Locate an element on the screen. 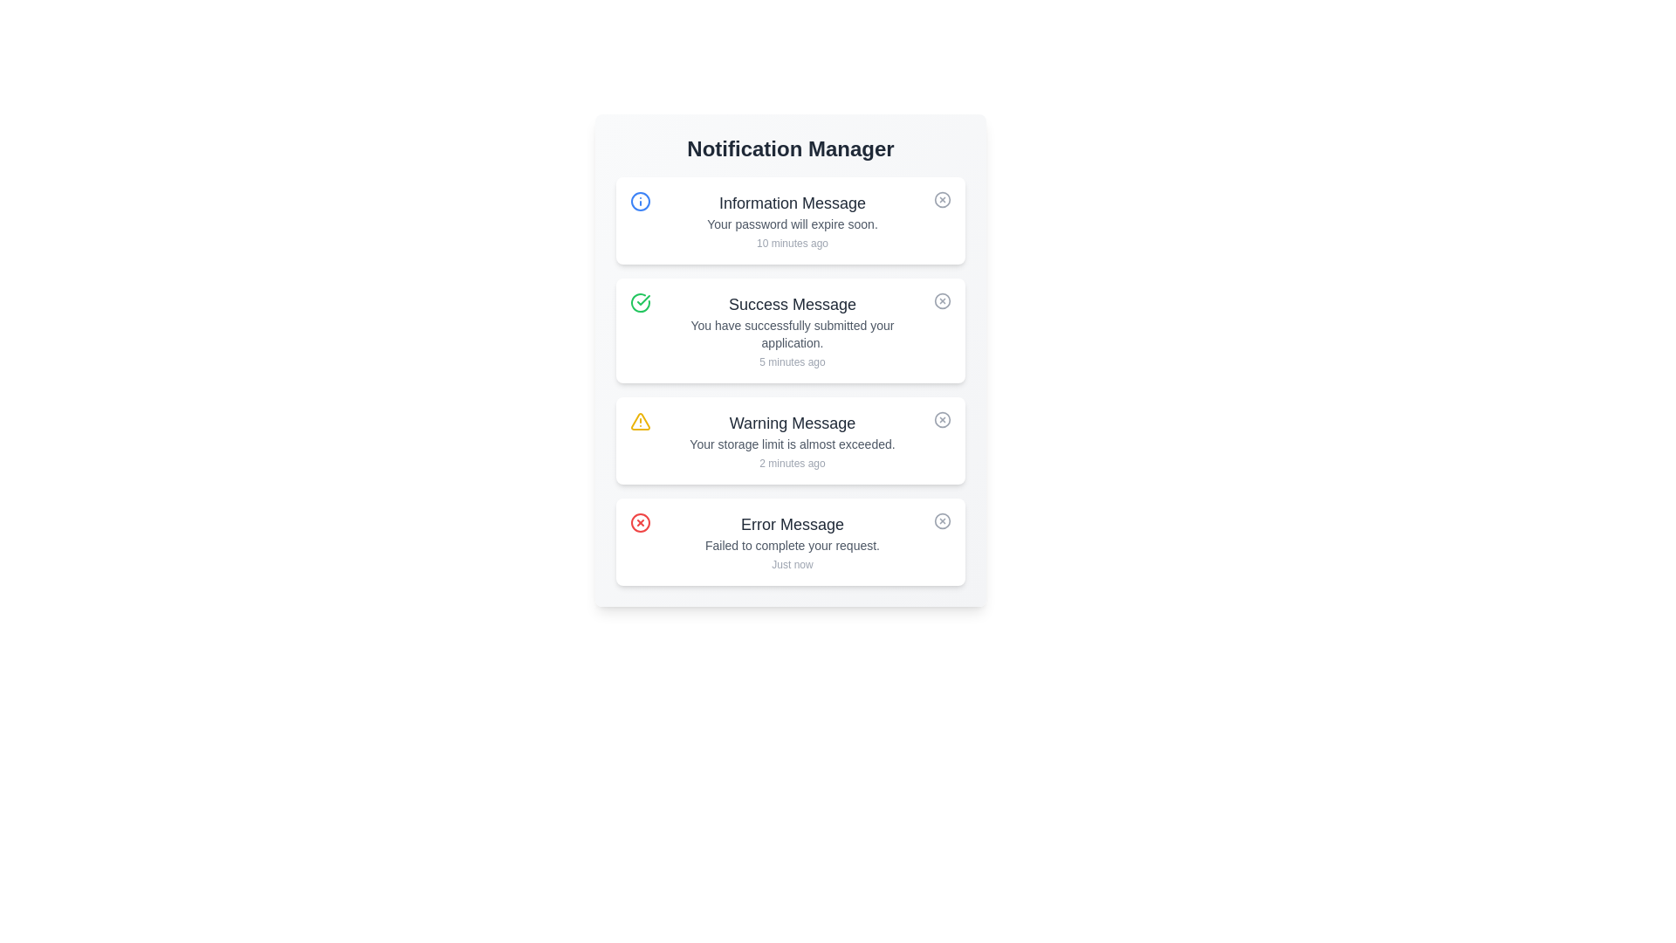 The image size is (1676, 943). the Notification Card at the top of the notification list that informs the user about their password expiring soon is located at coordinates (790, 220).